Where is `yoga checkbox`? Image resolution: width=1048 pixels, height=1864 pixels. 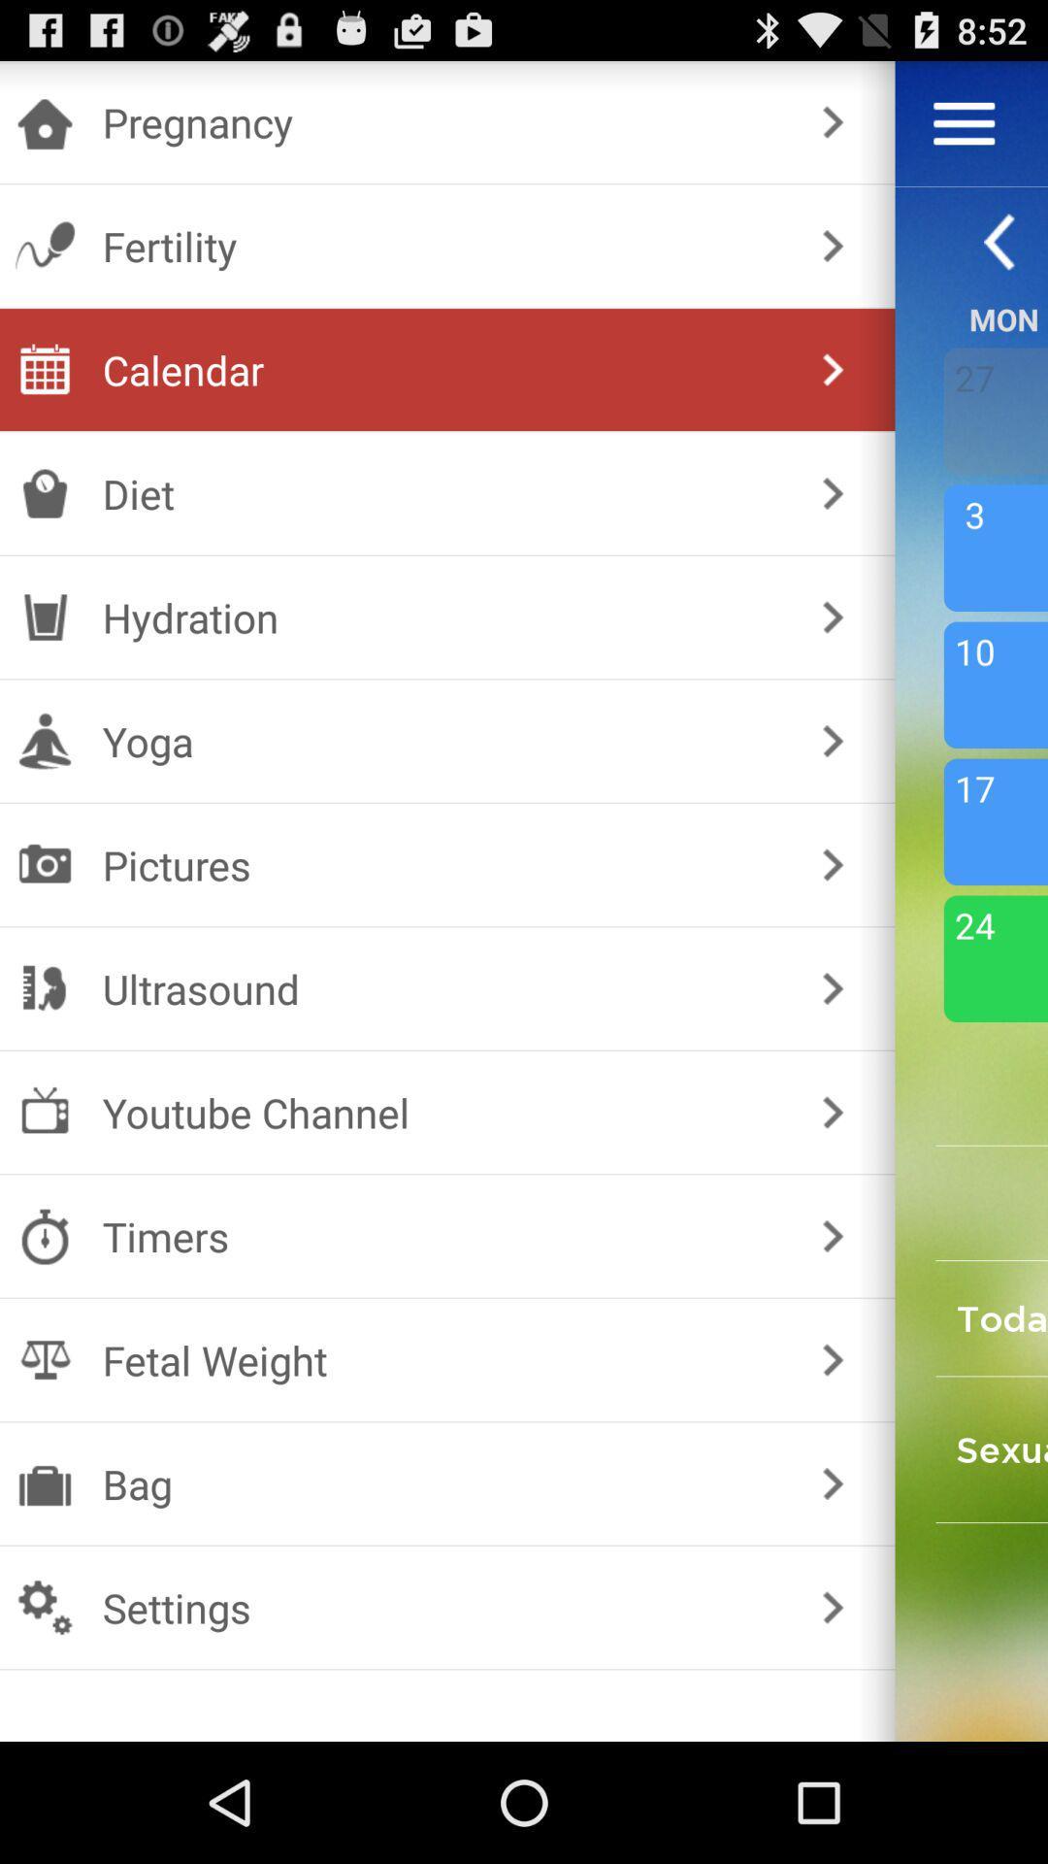 yoga checkbox is located at coordinates (443, 740).